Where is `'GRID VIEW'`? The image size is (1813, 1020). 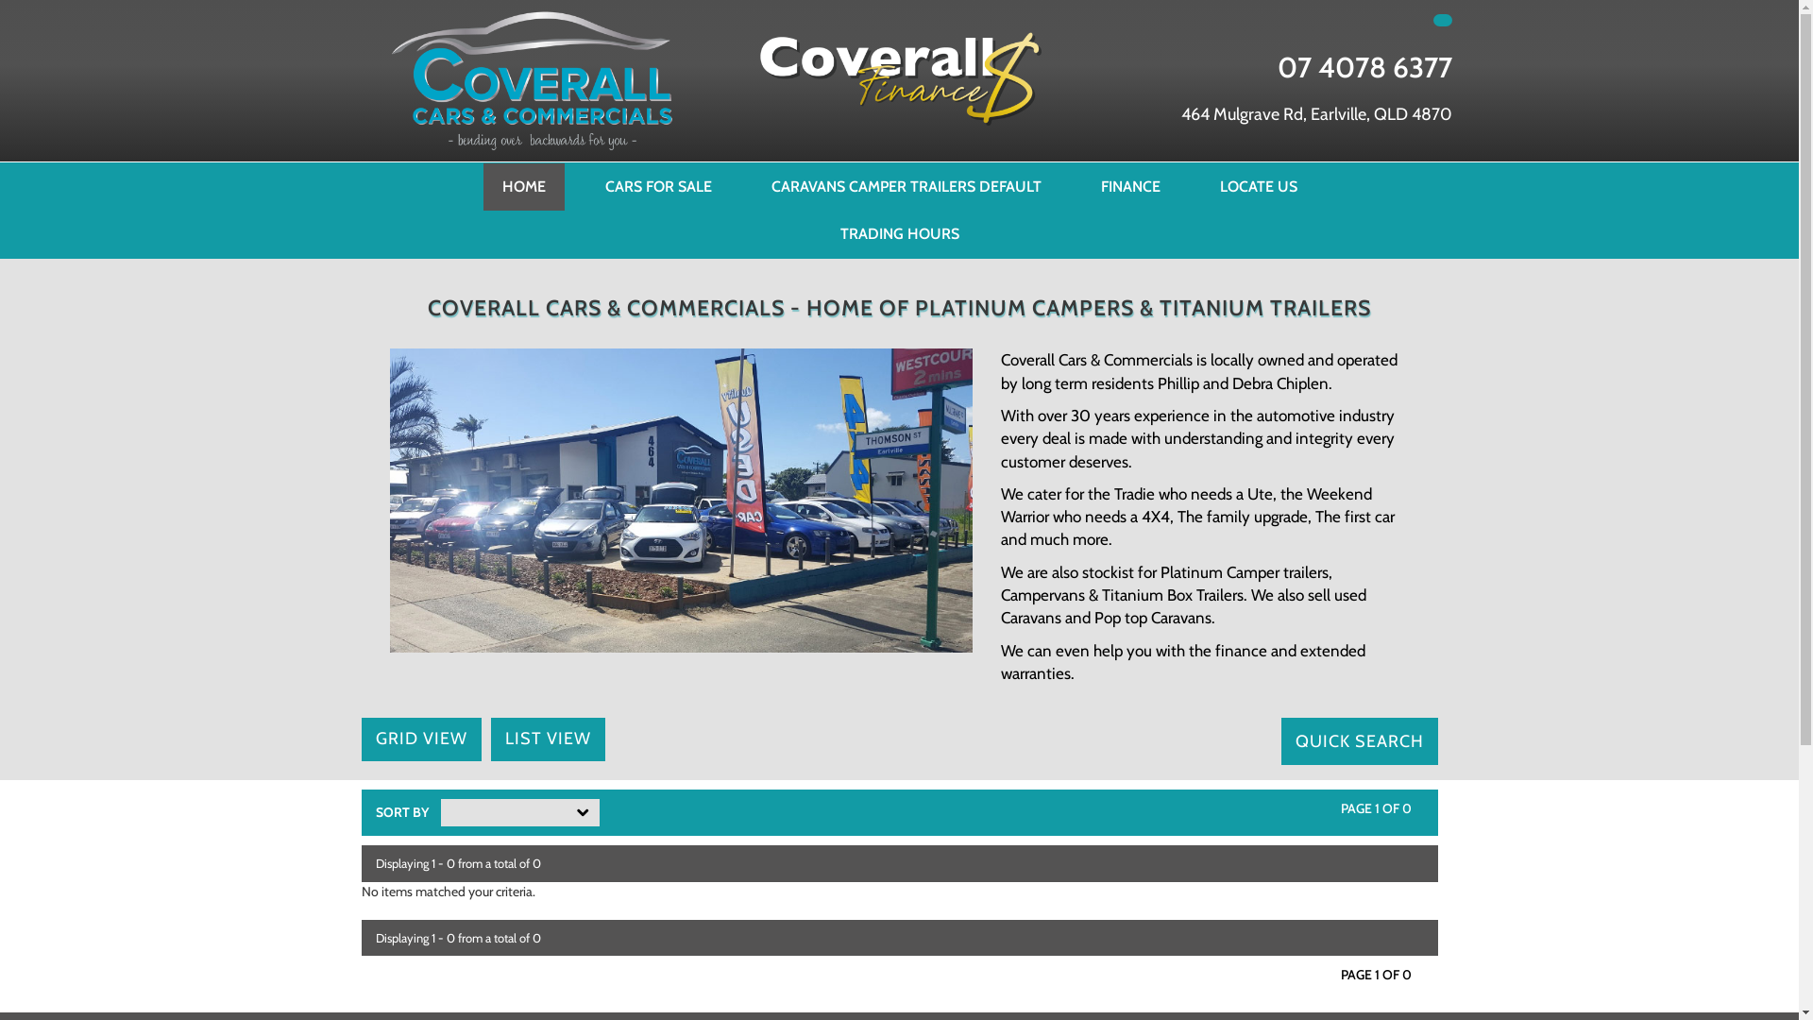
'GRID VIEW' is located at coordinates (419, 739).